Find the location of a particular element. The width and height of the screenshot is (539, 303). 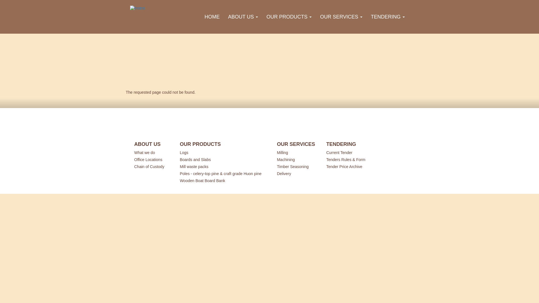

'Office Locations' is located at coordinates (151, 159).